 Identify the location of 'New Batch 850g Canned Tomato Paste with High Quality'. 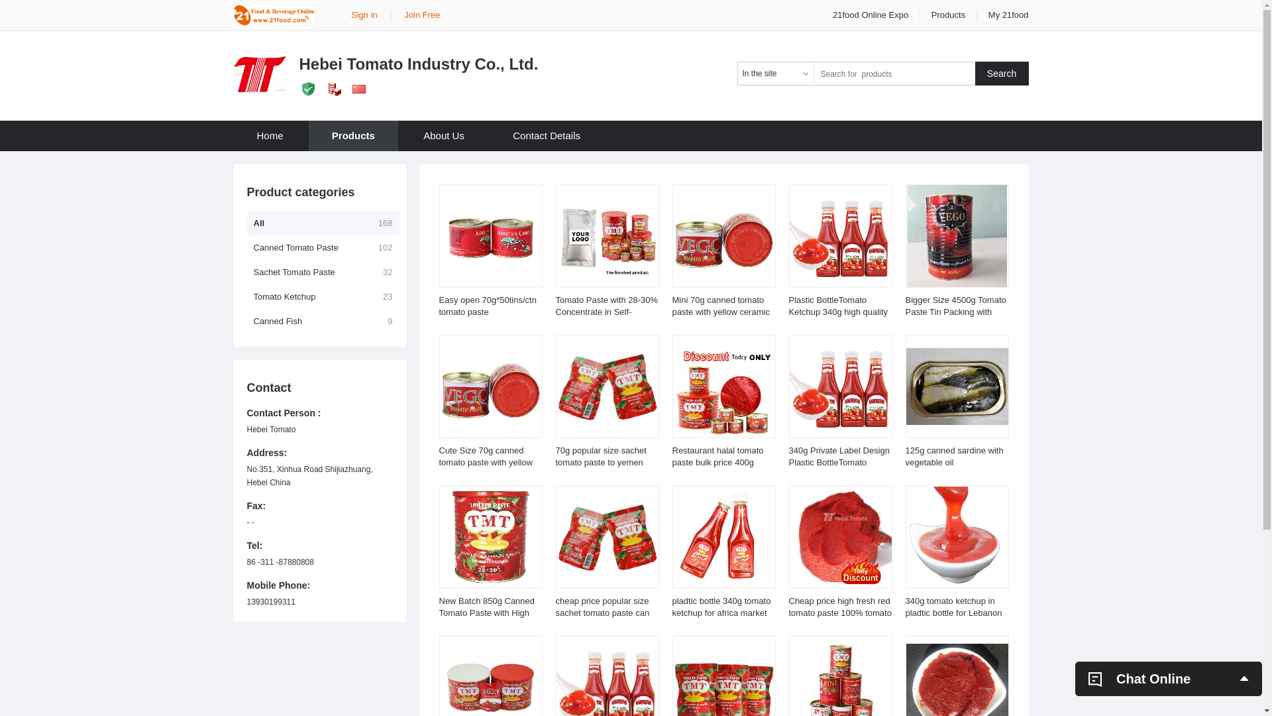
(486, 613).